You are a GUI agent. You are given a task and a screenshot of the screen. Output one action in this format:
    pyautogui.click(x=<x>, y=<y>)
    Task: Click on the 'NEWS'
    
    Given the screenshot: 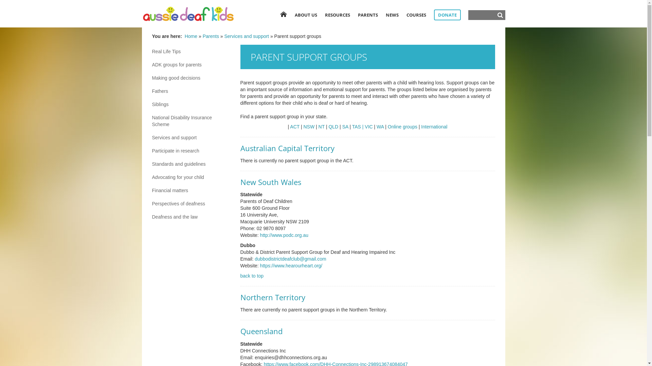 What is the action you would take?
    pyautogui.click(x=392, y=15)
    